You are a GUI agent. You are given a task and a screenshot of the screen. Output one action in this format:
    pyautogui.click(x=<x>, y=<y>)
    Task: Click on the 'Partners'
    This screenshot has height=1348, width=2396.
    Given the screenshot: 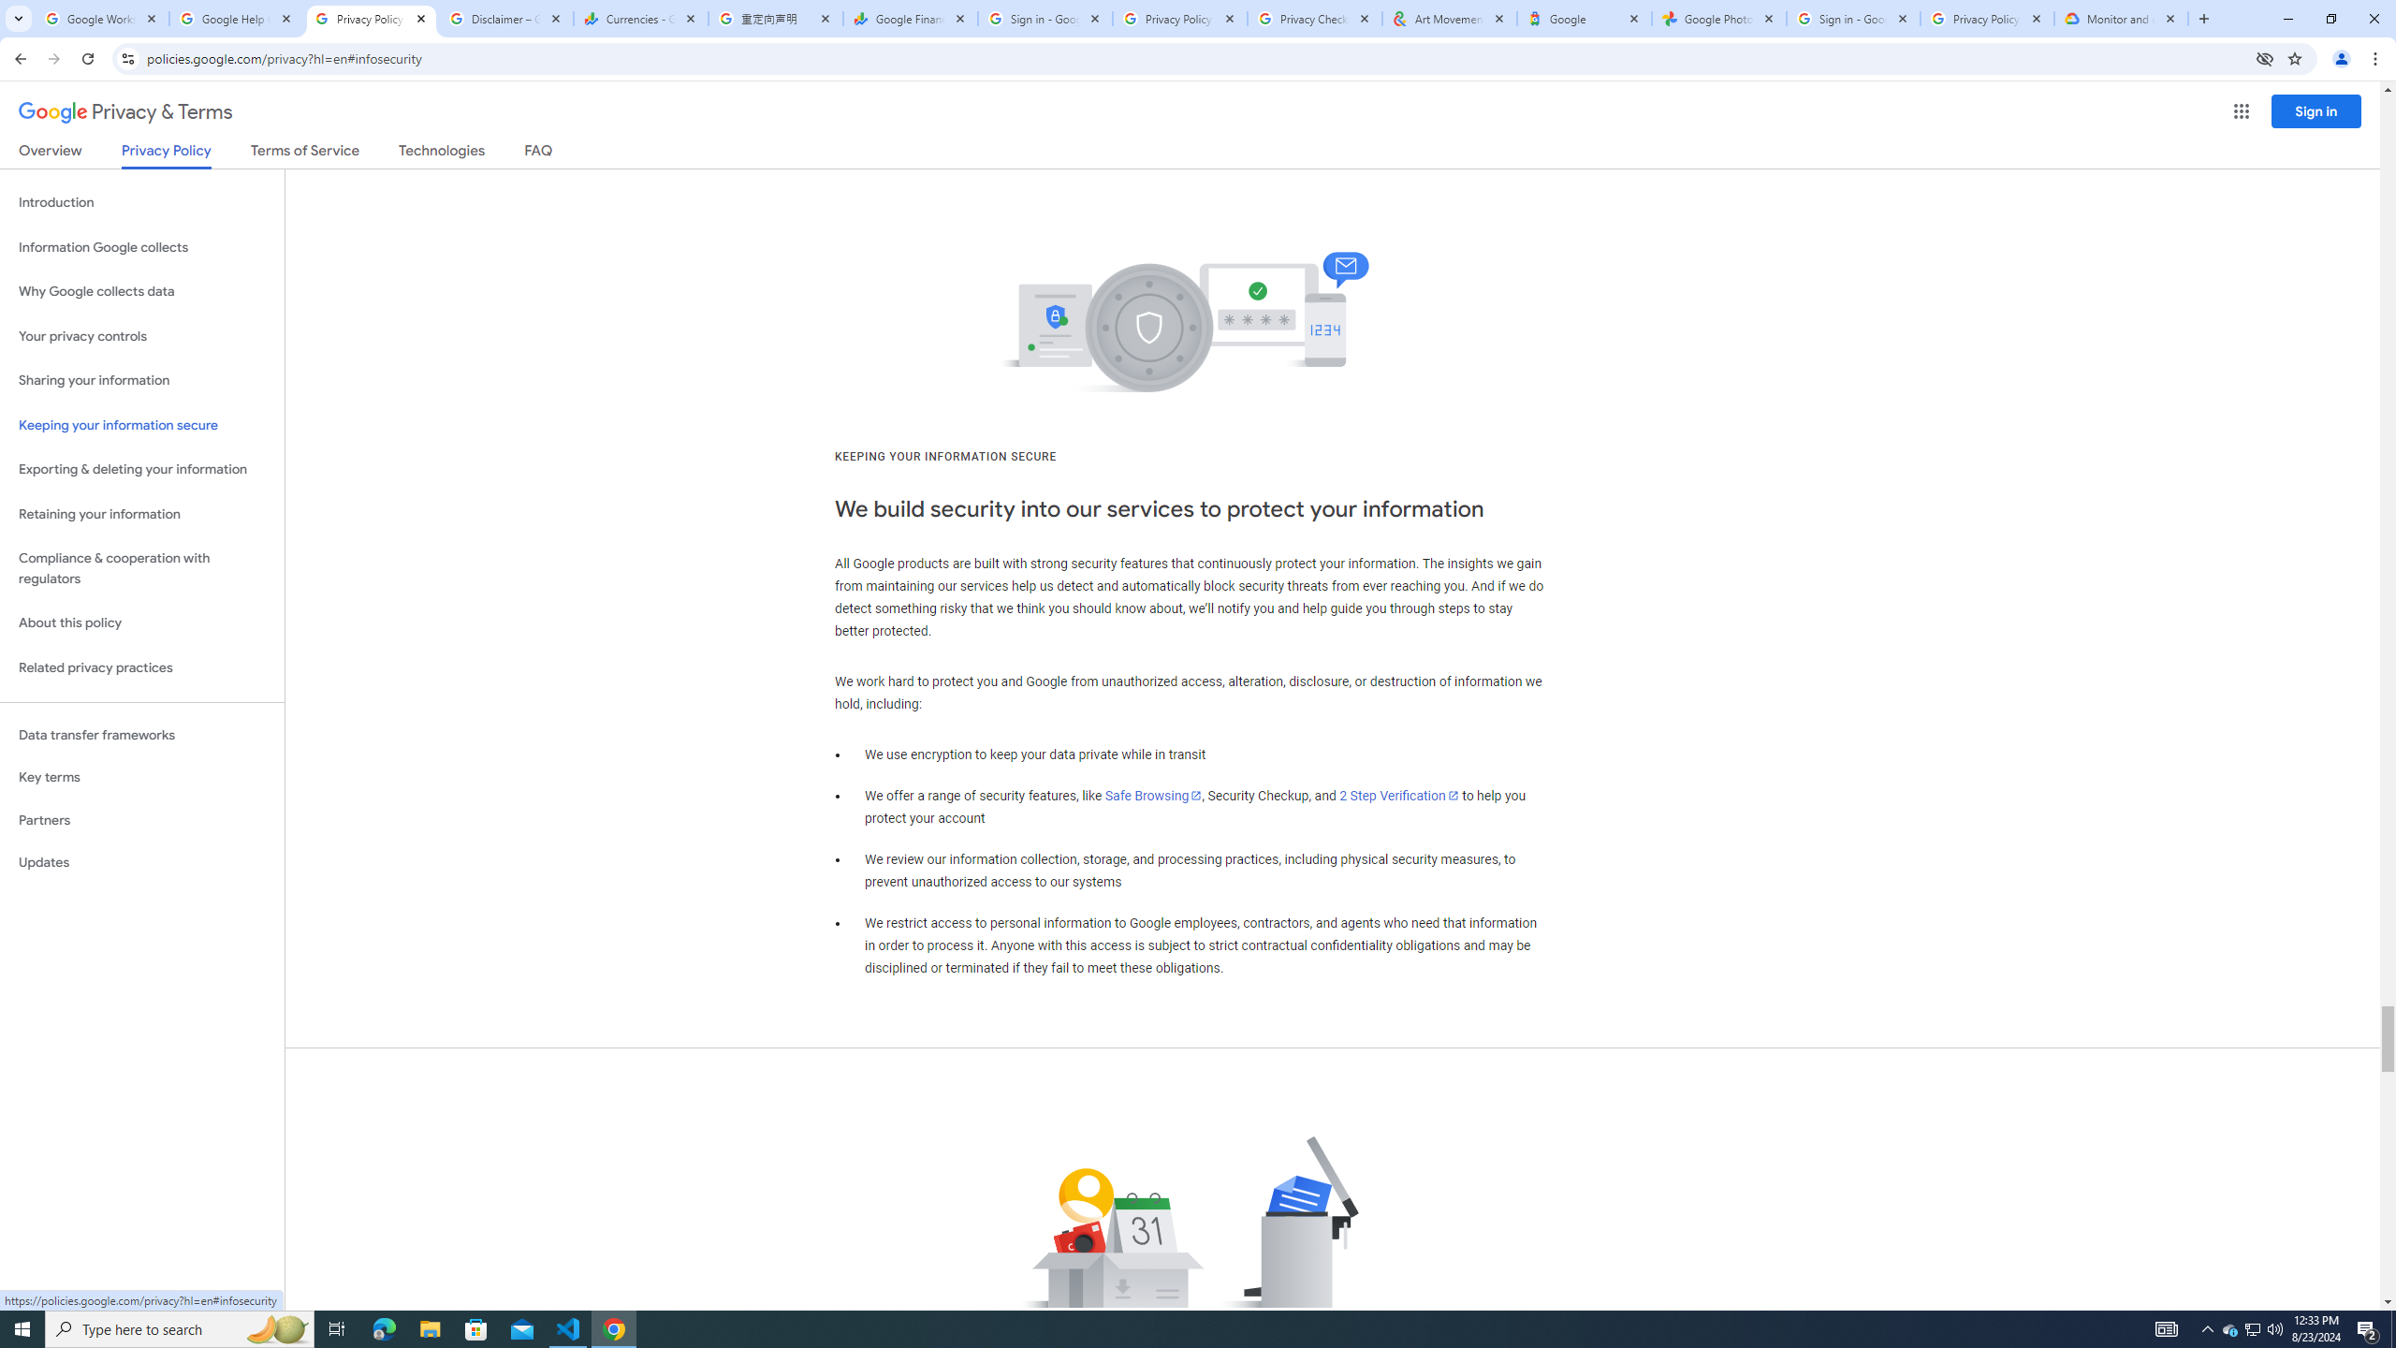 What is the action you would take?
    pyautogui.click(x=141, y=820)
    